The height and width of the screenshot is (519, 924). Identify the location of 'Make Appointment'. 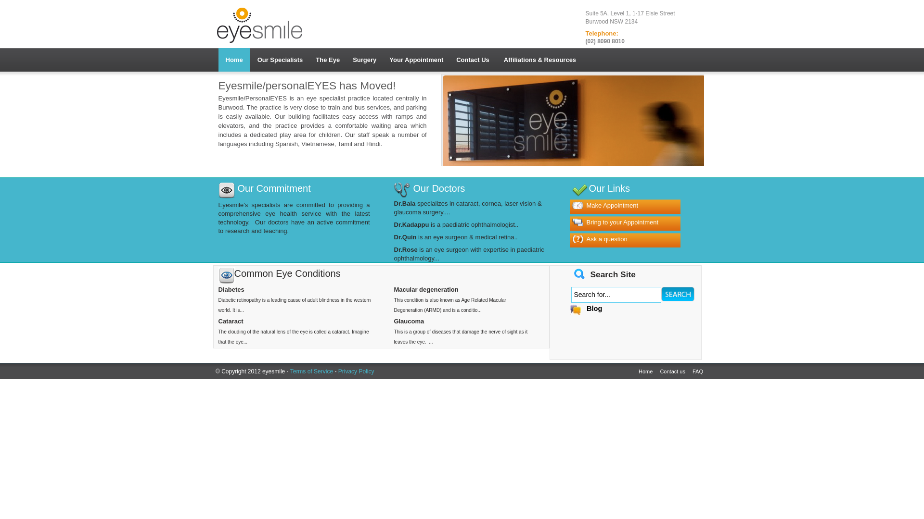
(572, 205).